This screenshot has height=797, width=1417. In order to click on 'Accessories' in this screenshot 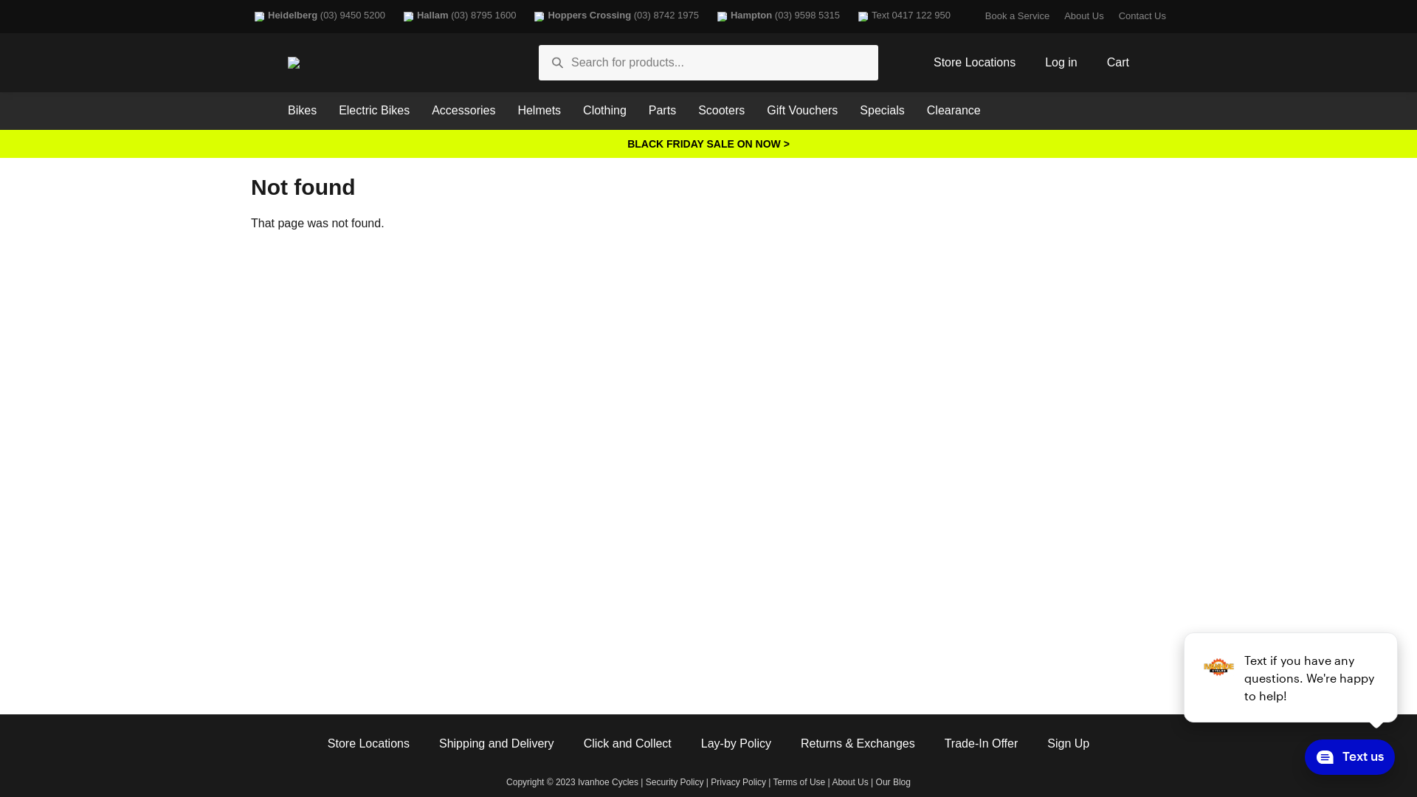, I will do `click(463, 110)`.